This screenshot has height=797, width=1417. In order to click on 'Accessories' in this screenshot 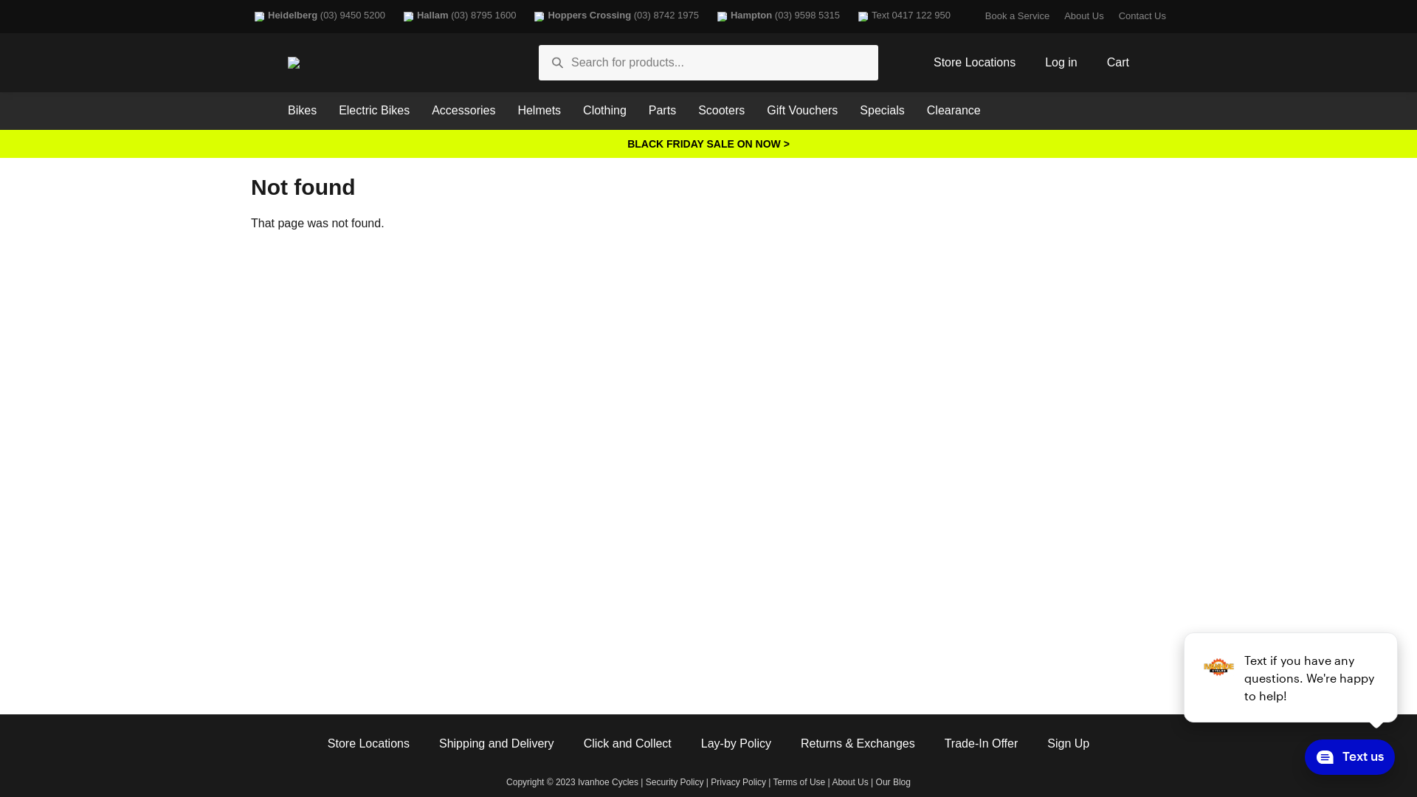, I will do `click(463, 110)`.